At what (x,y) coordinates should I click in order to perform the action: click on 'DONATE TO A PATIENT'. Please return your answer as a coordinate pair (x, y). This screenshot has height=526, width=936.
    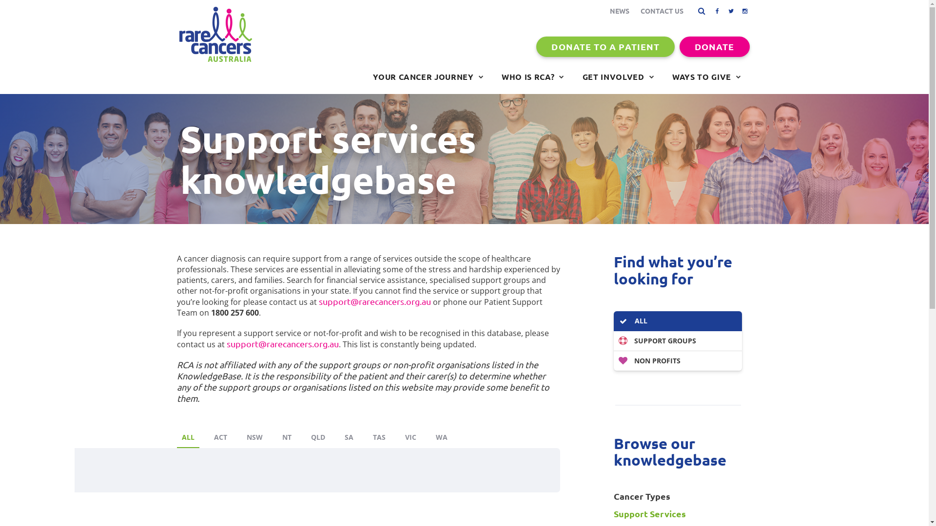
    Looking at the image, I should click on (605, 47).